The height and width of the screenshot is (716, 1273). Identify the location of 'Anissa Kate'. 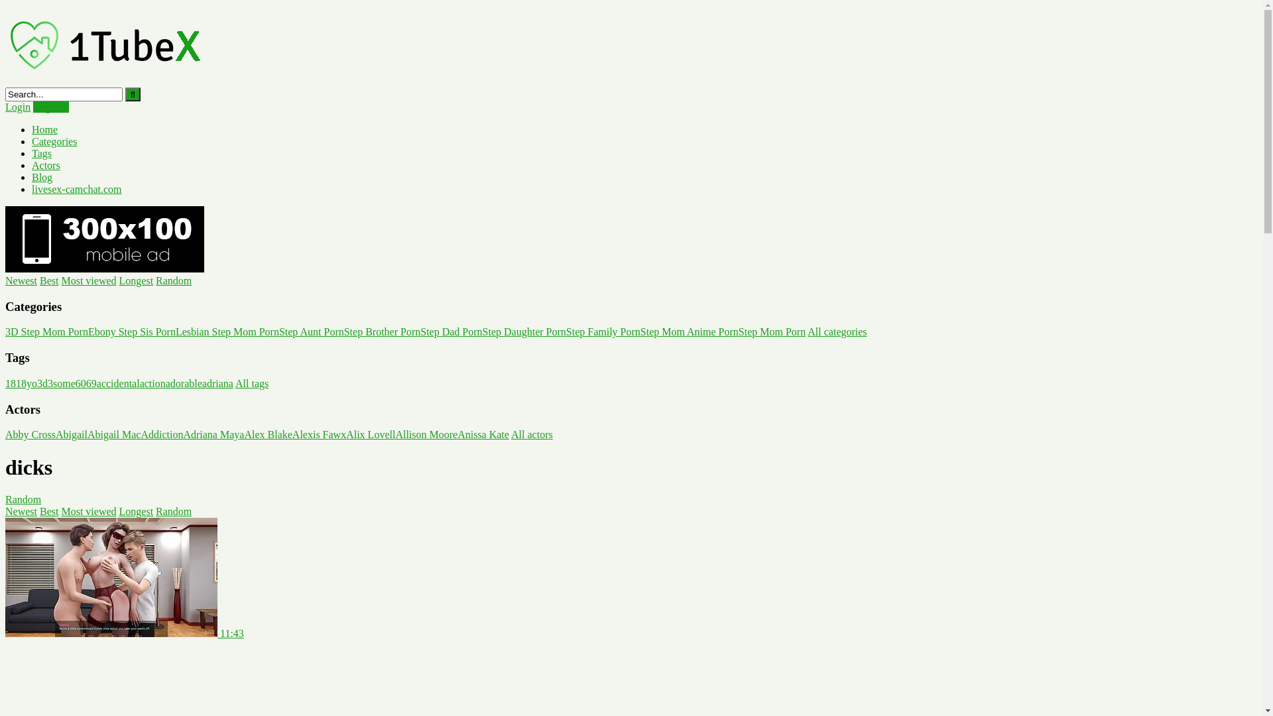
(483, 434).